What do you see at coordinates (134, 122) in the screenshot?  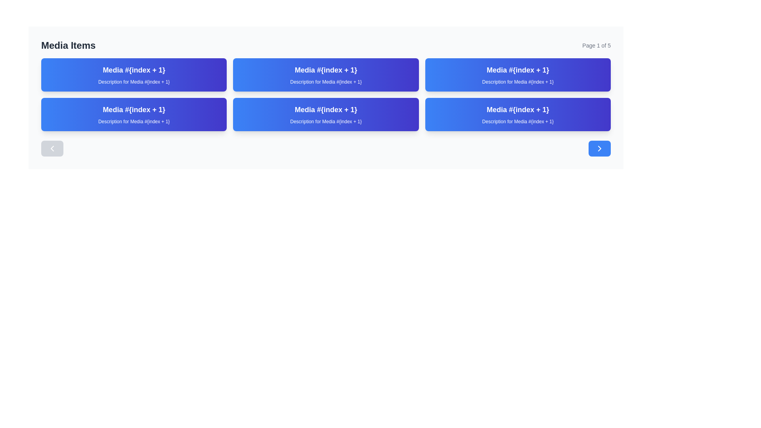 I see `the text label that reads 'Description for Media #{index + 1}' positioned at the bottom of the gradient card in the second row and first column of the grid layout` at bounding box center [134, 122].